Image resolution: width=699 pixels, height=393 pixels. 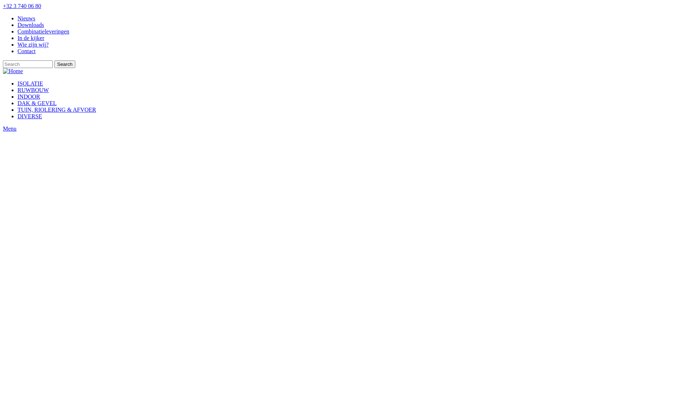 I want to click on 'DIVERSE', so click(x=29, y=116).